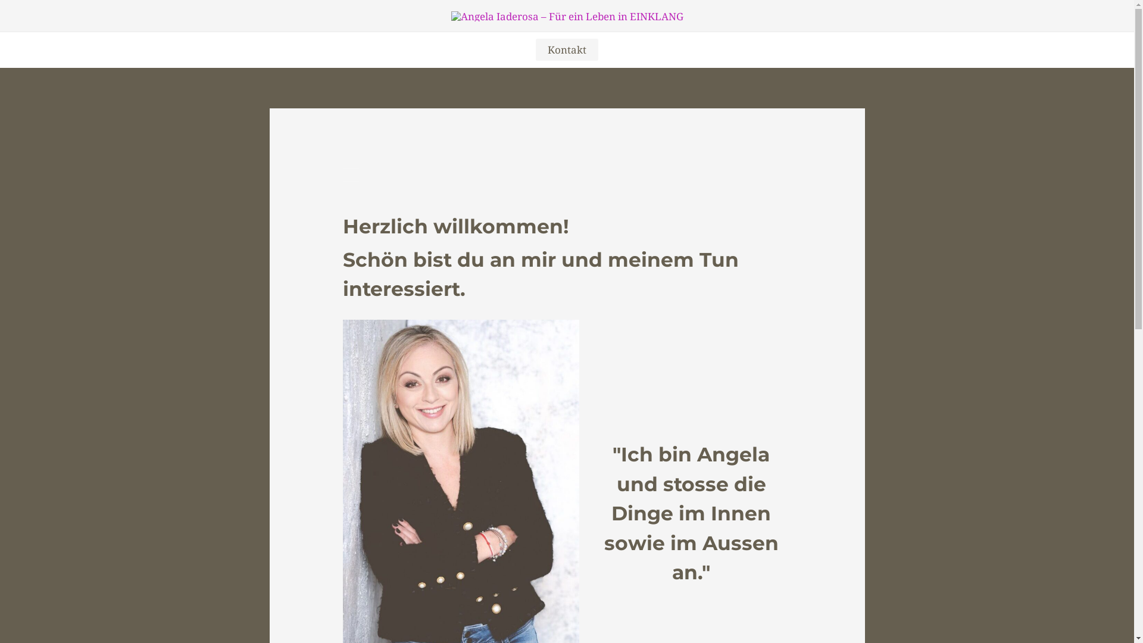 The image size is (1143, 643). What do you see at coordinates (566, 49) in the screenshot?
I see `'Kontakt'` at bounding box center [566, 49].